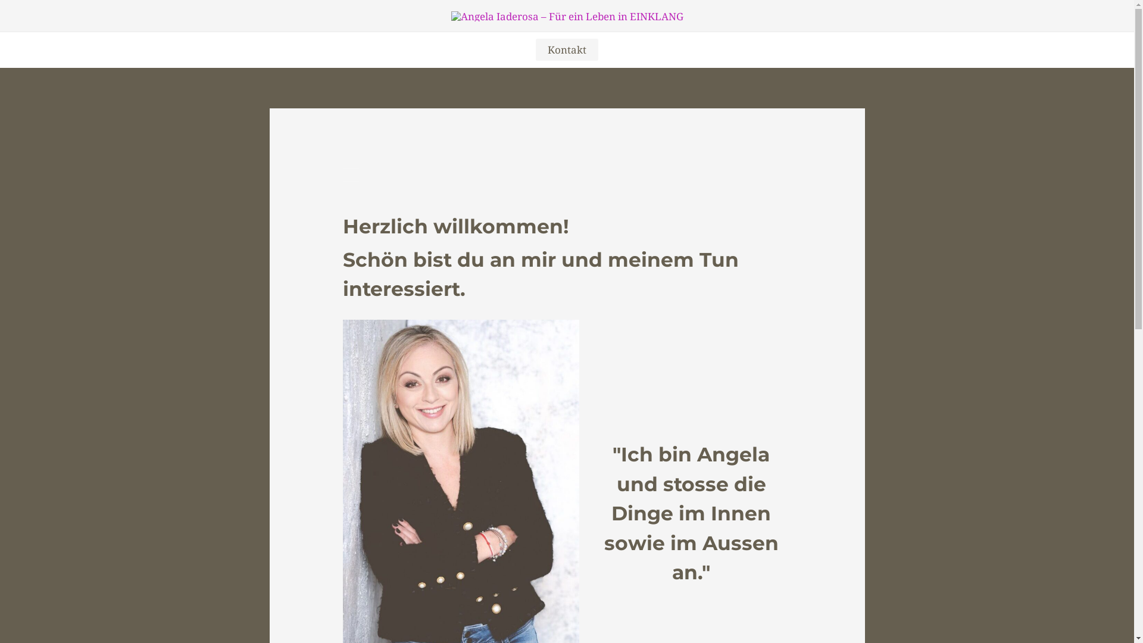 The image size is (1143, 643). What do you see at coordinates (566, 49) in the screenshot?
I see `'Kontakt'` at bounding box center [566, 49].